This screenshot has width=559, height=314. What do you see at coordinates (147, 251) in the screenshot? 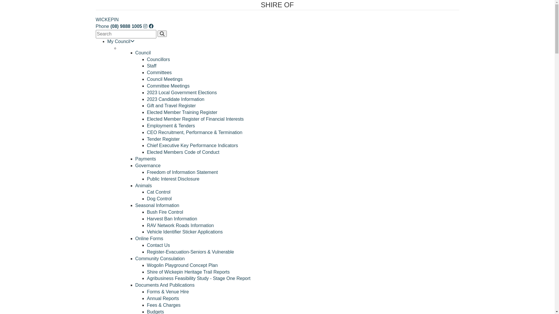
I see `'Register-Evacuation-Seniors & Vulnerable'` at bounding box center [147, 251].